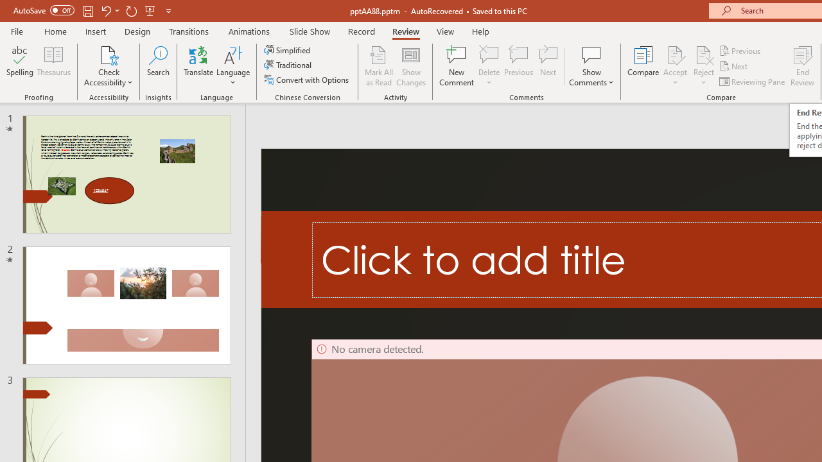 This screenshot has width=822, height=462. What do you see at coordinates (457, 66) in the screenshot?
I see `'New Comment'` at bounding box center [457, 66].